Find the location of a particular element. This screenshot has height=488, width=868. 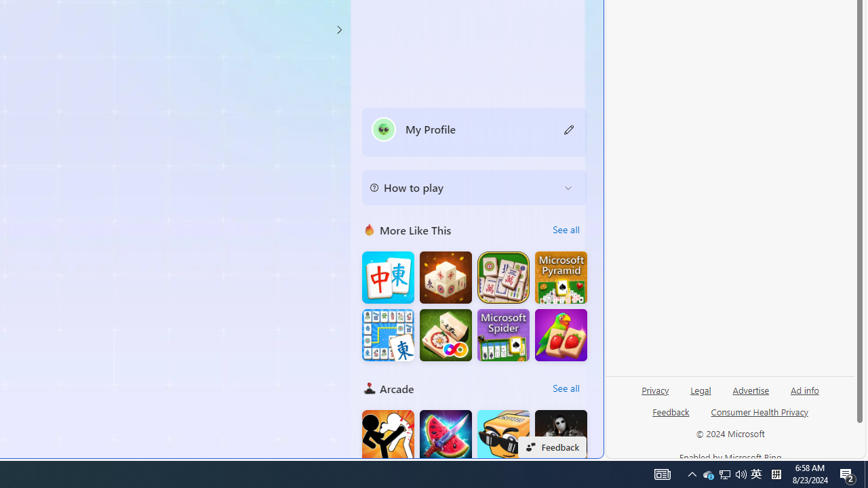

'See all' is located at coordinates (566, 388).